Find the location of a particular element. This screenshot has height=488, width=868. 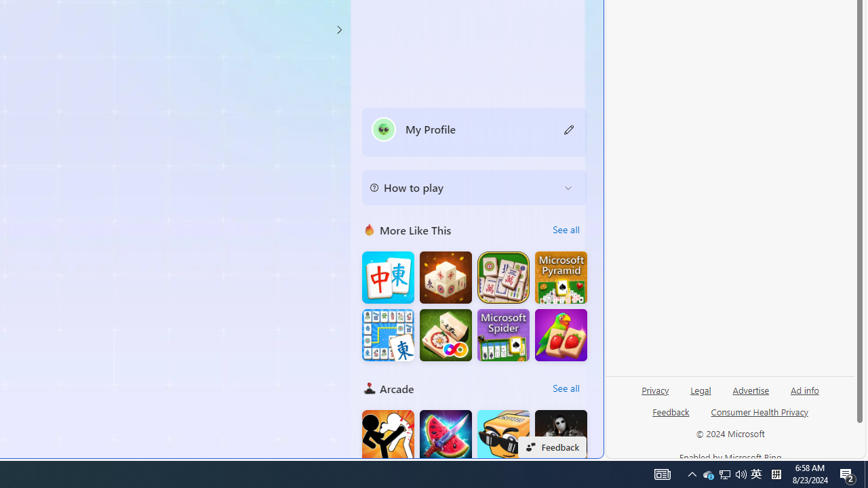

'See all' is located at coordinates (566, 388).